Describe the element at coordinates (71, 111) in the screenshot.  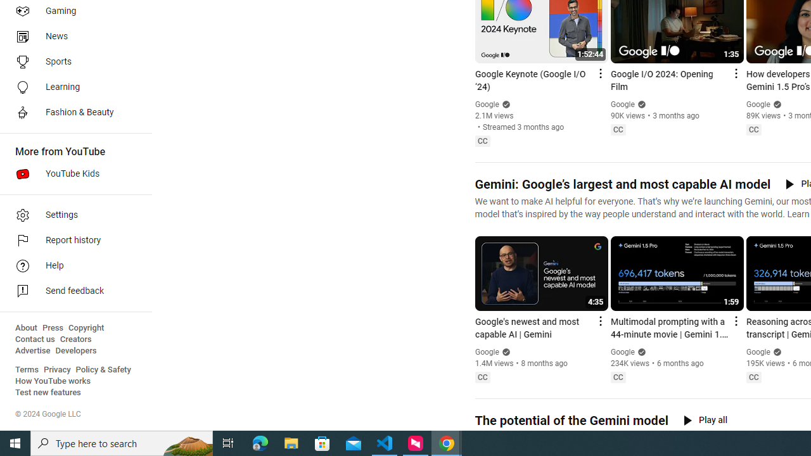
I see `'Fashion & Beauty'` at that location.